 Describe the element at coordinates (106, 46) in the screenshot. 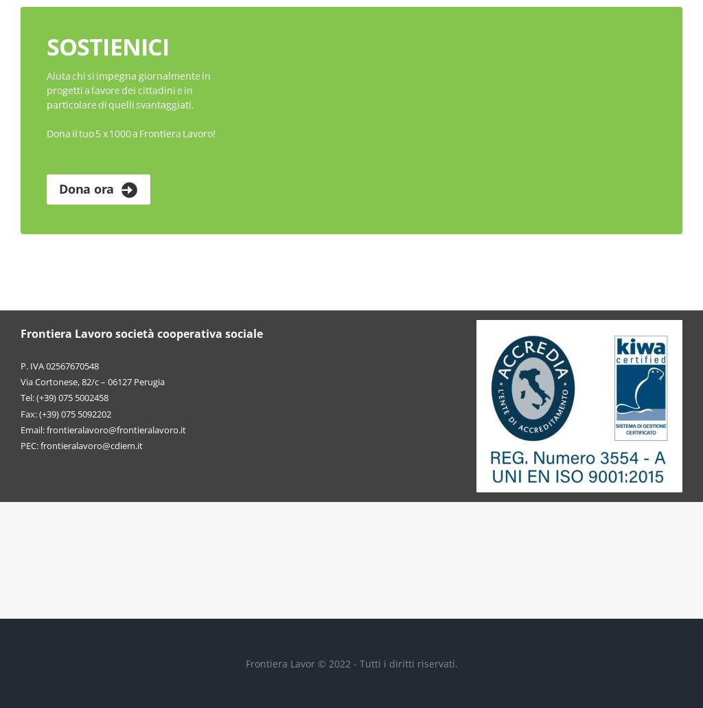

I see `'Sostienici'` at that location.